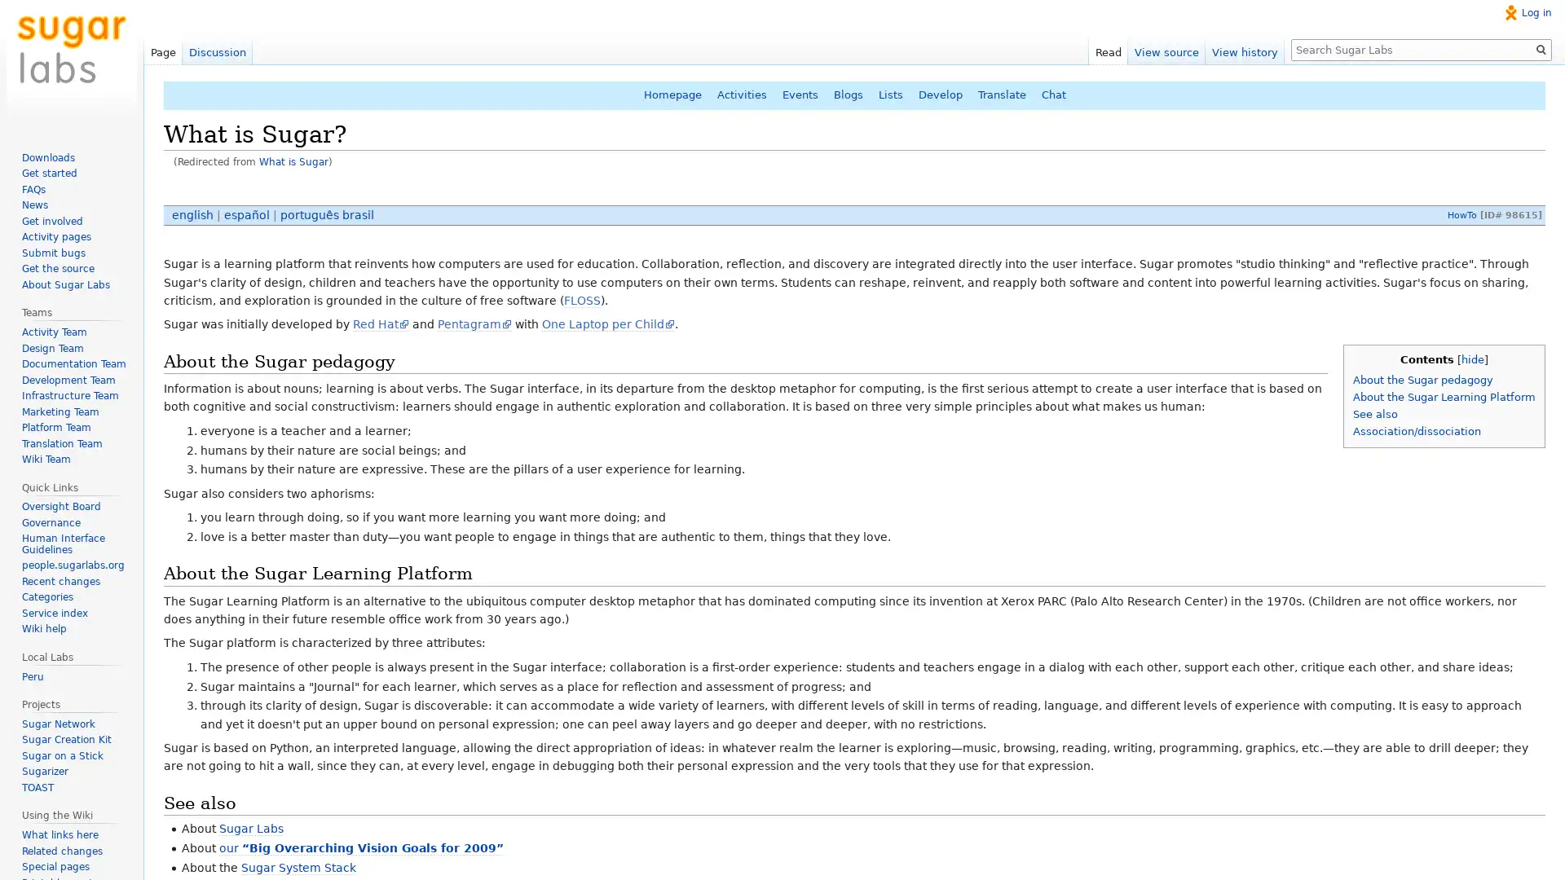  What do you see at coordinates (1541, 49) in the screenshot?
I see `Search` at bounding box center [1541, 49].